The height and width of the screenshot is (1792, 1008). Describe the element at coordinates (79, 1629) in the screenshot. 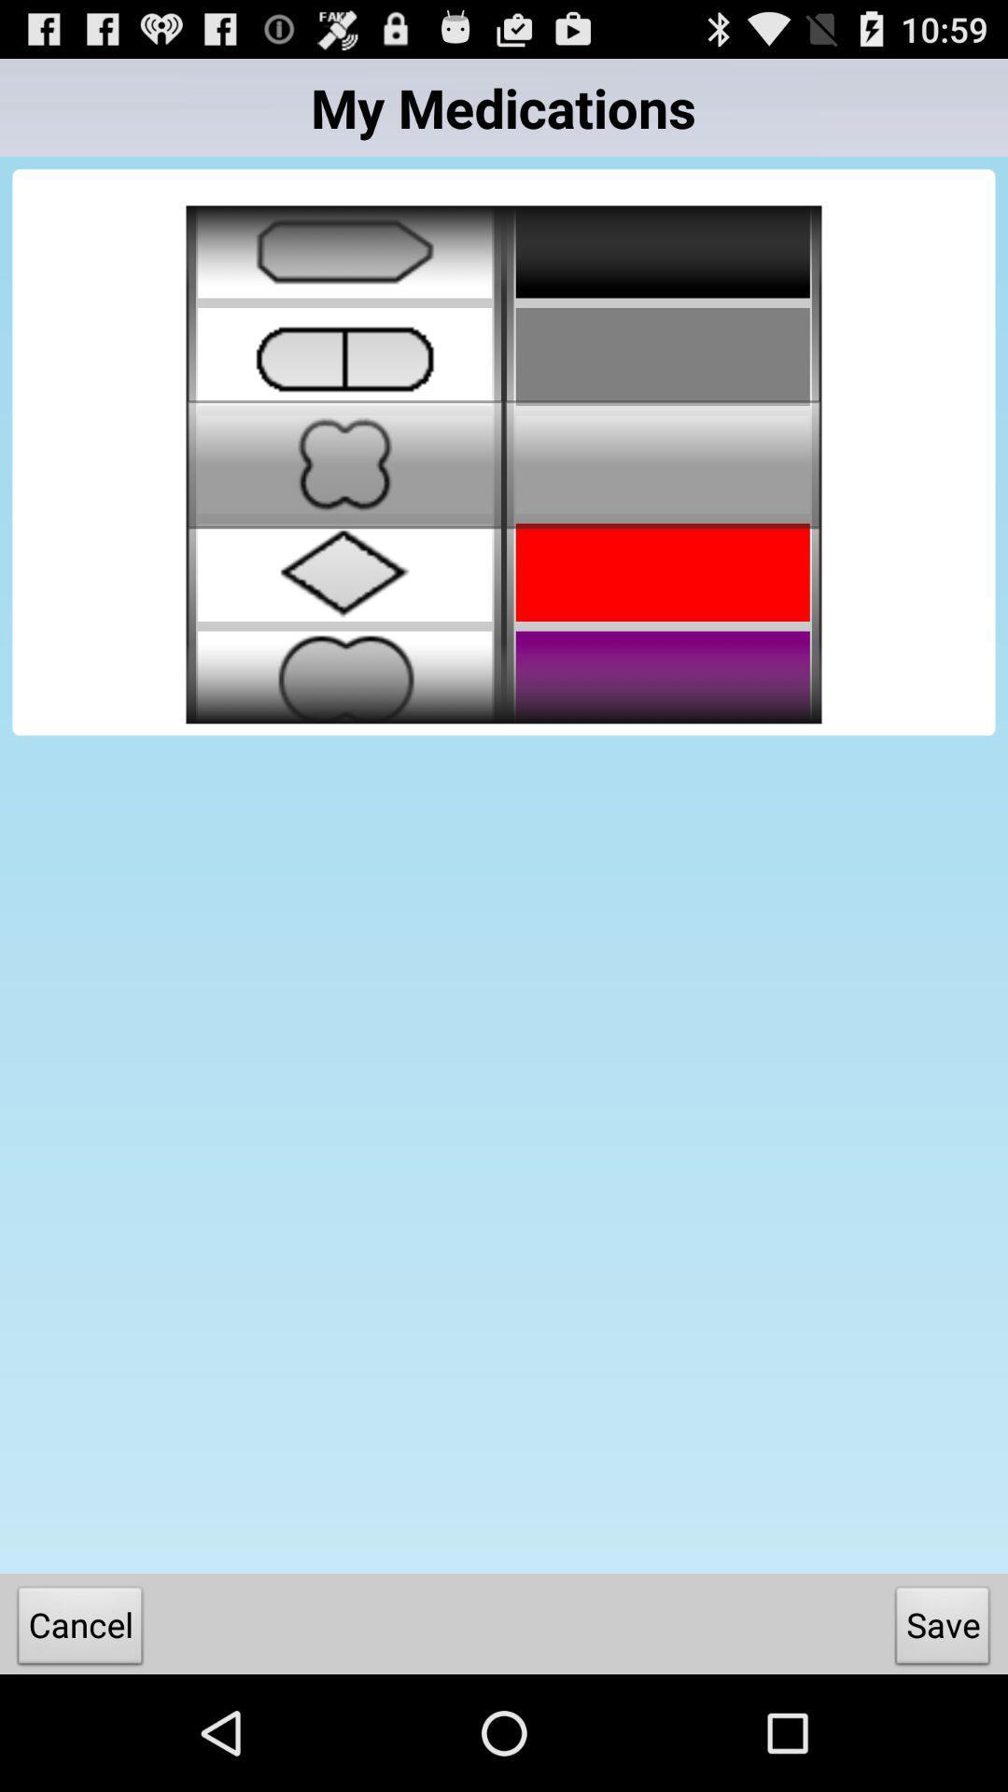

I see `the icon next to the save item` at that location.